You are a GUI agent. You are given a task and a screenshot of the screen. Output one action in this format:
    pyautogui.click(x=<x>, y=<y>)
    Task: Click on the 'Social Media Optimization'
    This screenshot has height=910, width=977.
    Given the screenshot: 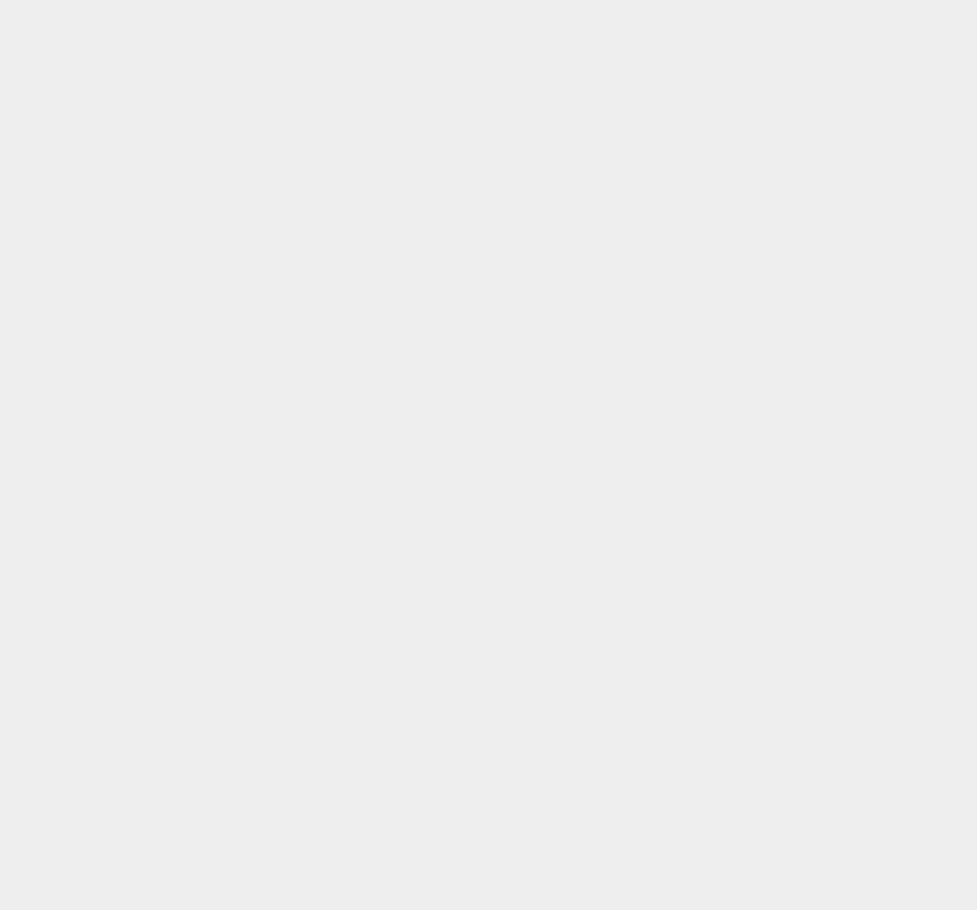 What is the action you would take?
    pyautogui.click(x=450, y=30)
    